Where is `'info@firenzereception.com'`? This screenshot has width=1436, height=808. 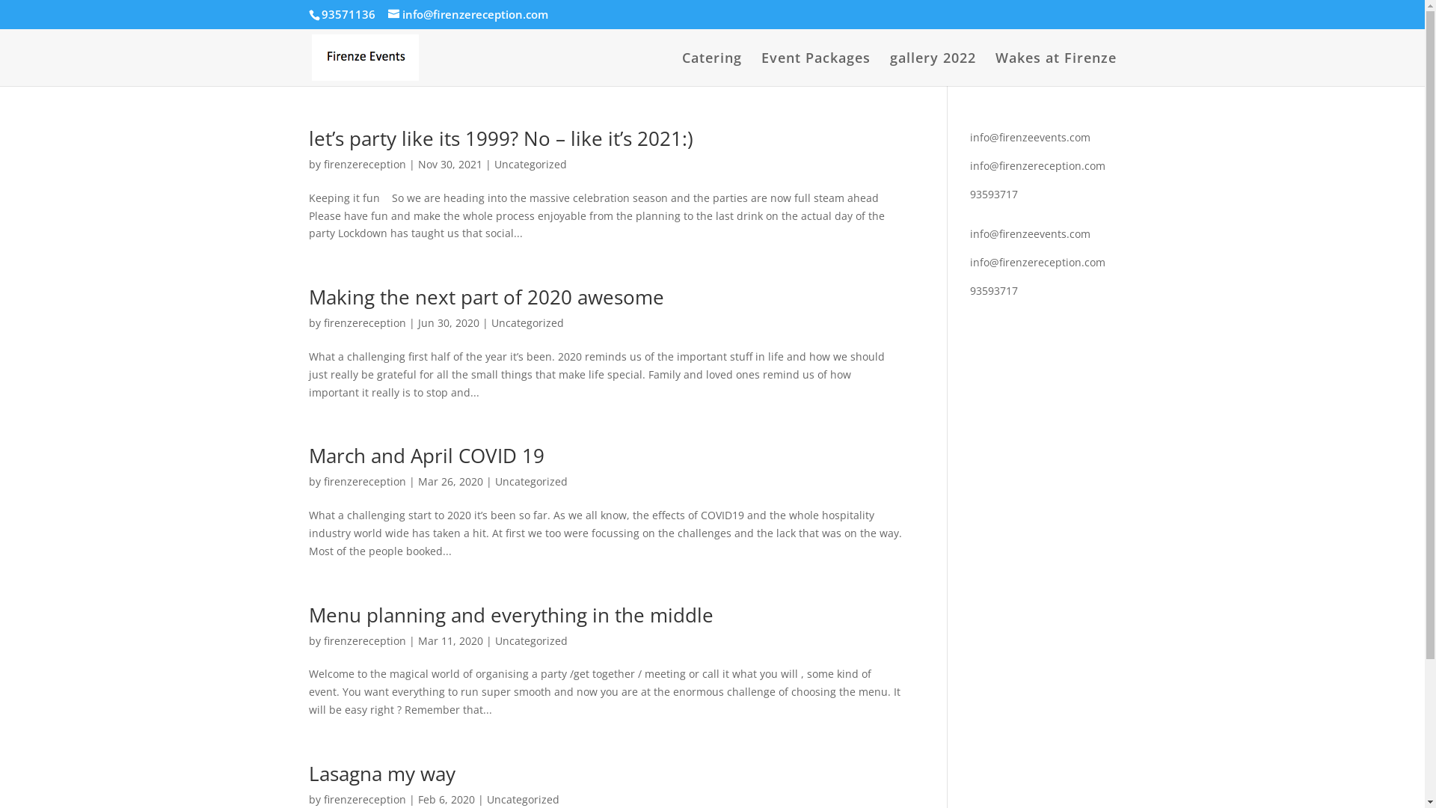 'info@firenzereception.com' is located at coordinates (466, 14).